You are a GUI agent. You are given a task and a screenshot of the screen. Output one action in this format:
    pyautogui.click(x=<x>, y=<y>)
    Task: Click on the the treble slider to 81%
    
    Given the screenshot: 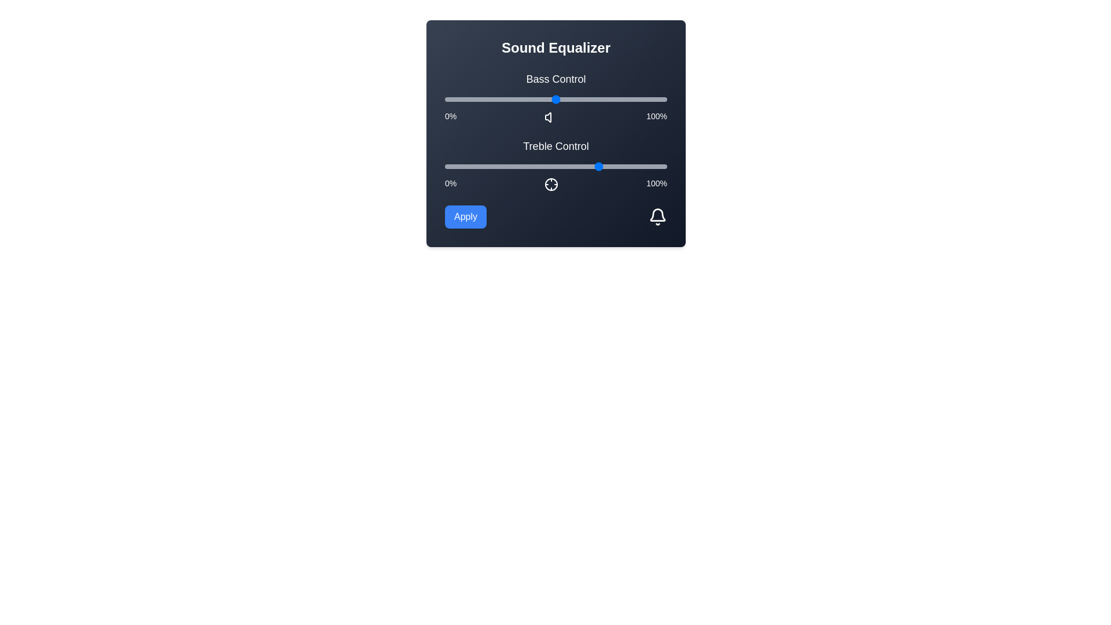 What is the action you would take?
    pyautogui.click(x=624, y=167)
    